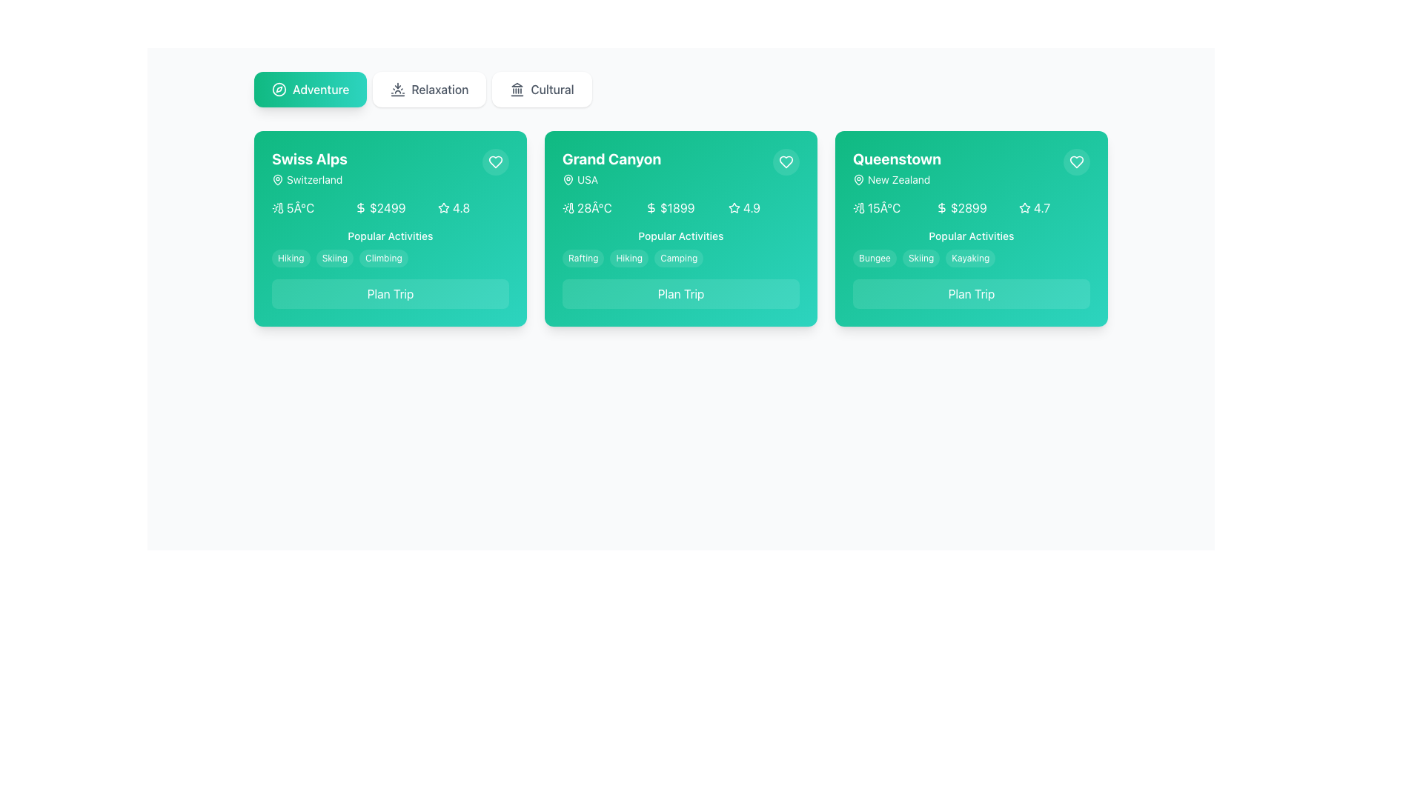 This screenshot has width=1423, height=800. What do you see at coordinates (495, 162) in the screenshot?
I see `the circular button with a heart icon located at the top-right corner of the 'Swiss Alps' card` at bounding box center [495, 162].